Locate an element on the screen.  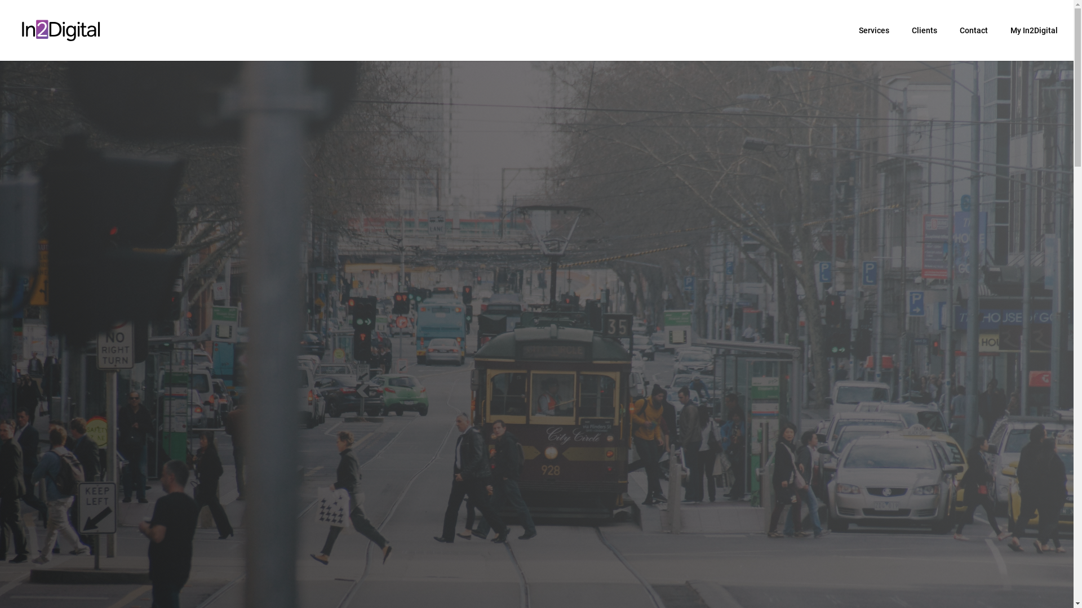
'My In2Digital' is located at coordinates (1010, 30).